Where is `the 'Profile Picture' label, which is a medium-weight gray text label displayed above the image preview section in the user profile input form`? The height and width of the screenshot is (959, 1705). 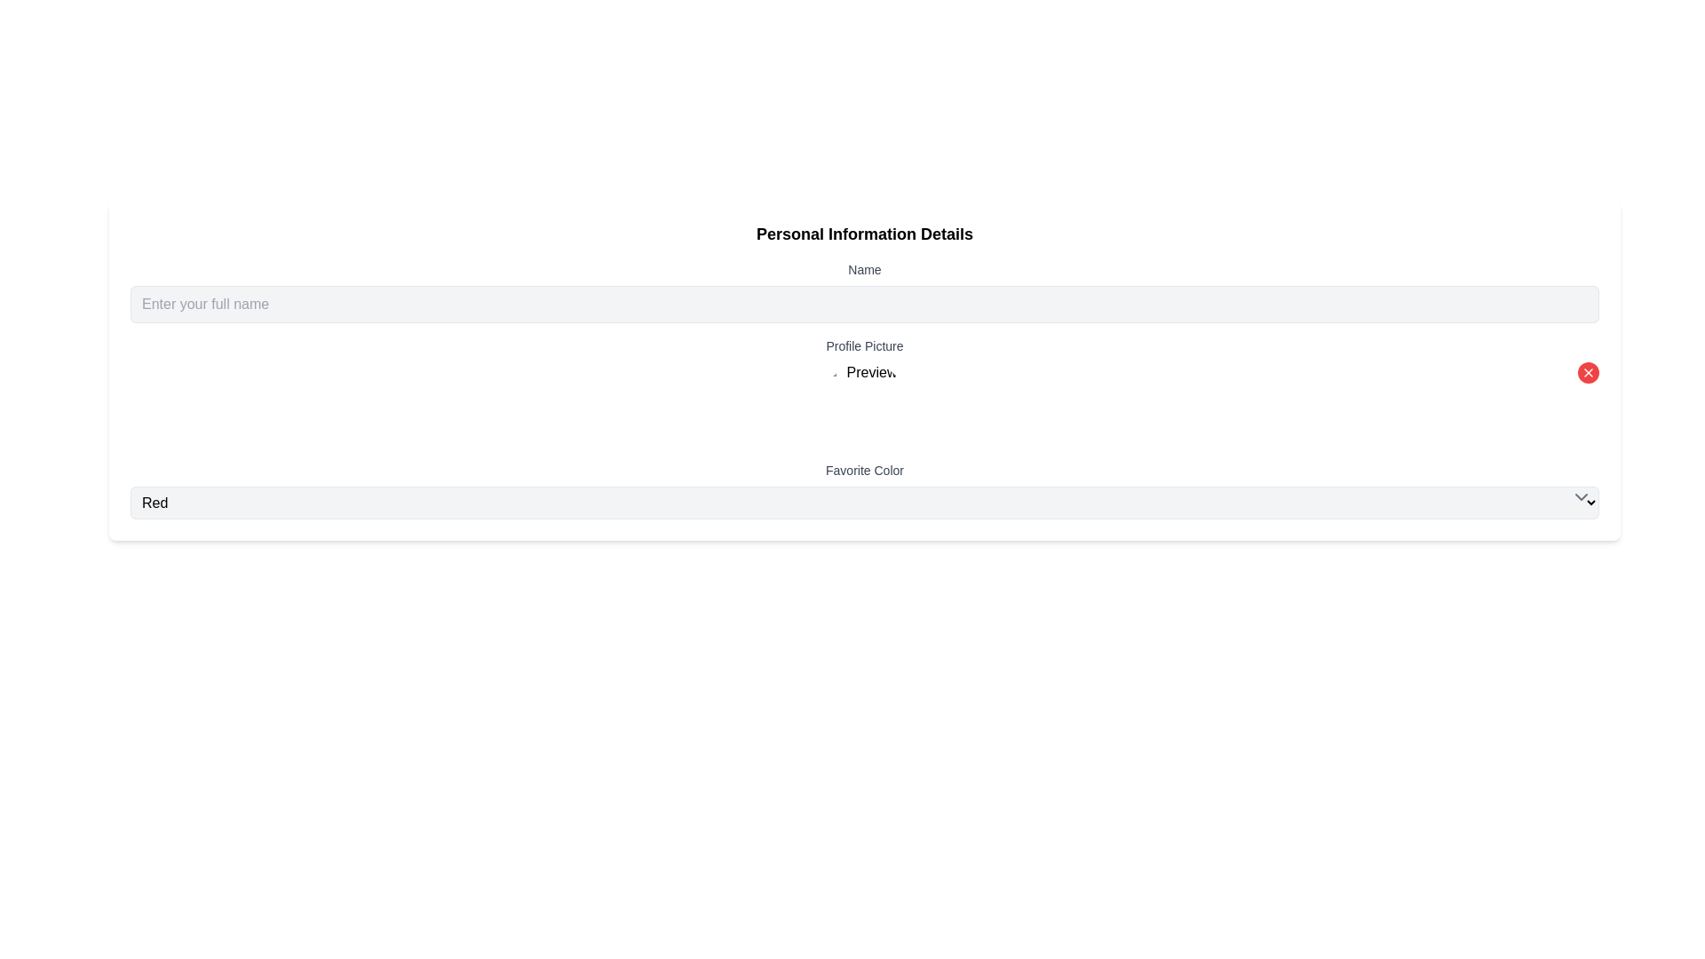
the 'Profile Picture' label, which is a medium-weight gray text label displayed above the image preview section in the user profile input form is located at coordinates (865, 345).